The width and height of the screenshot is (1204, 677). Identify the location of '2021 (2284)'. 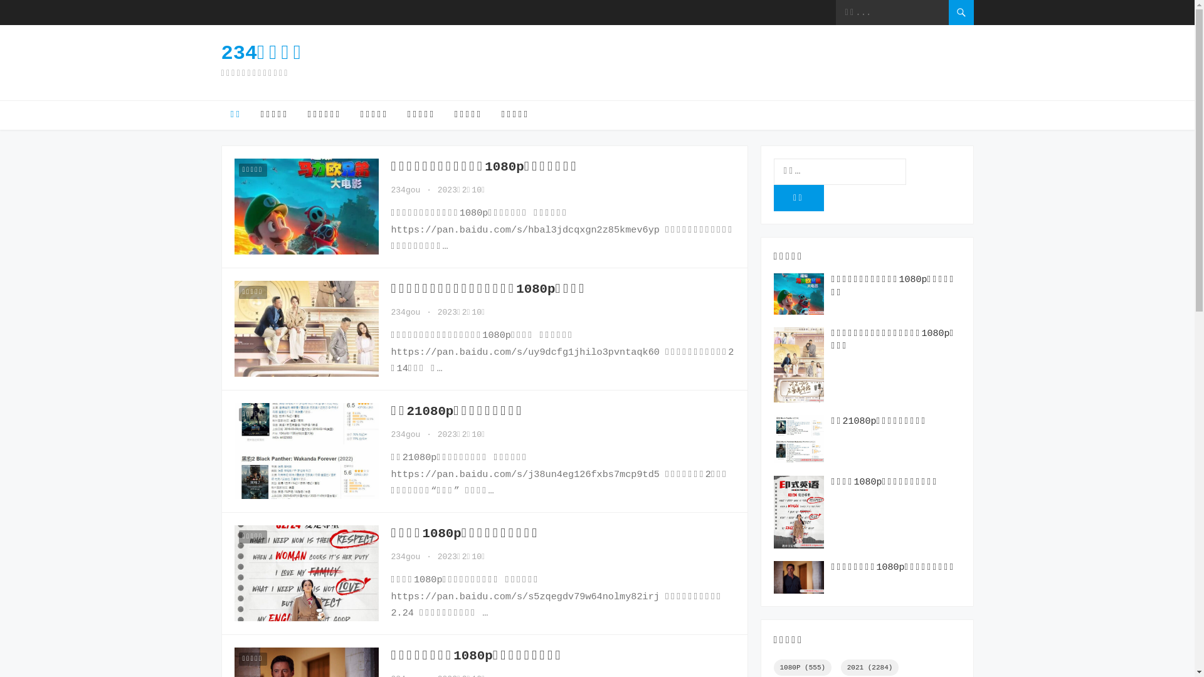
(869, 666).